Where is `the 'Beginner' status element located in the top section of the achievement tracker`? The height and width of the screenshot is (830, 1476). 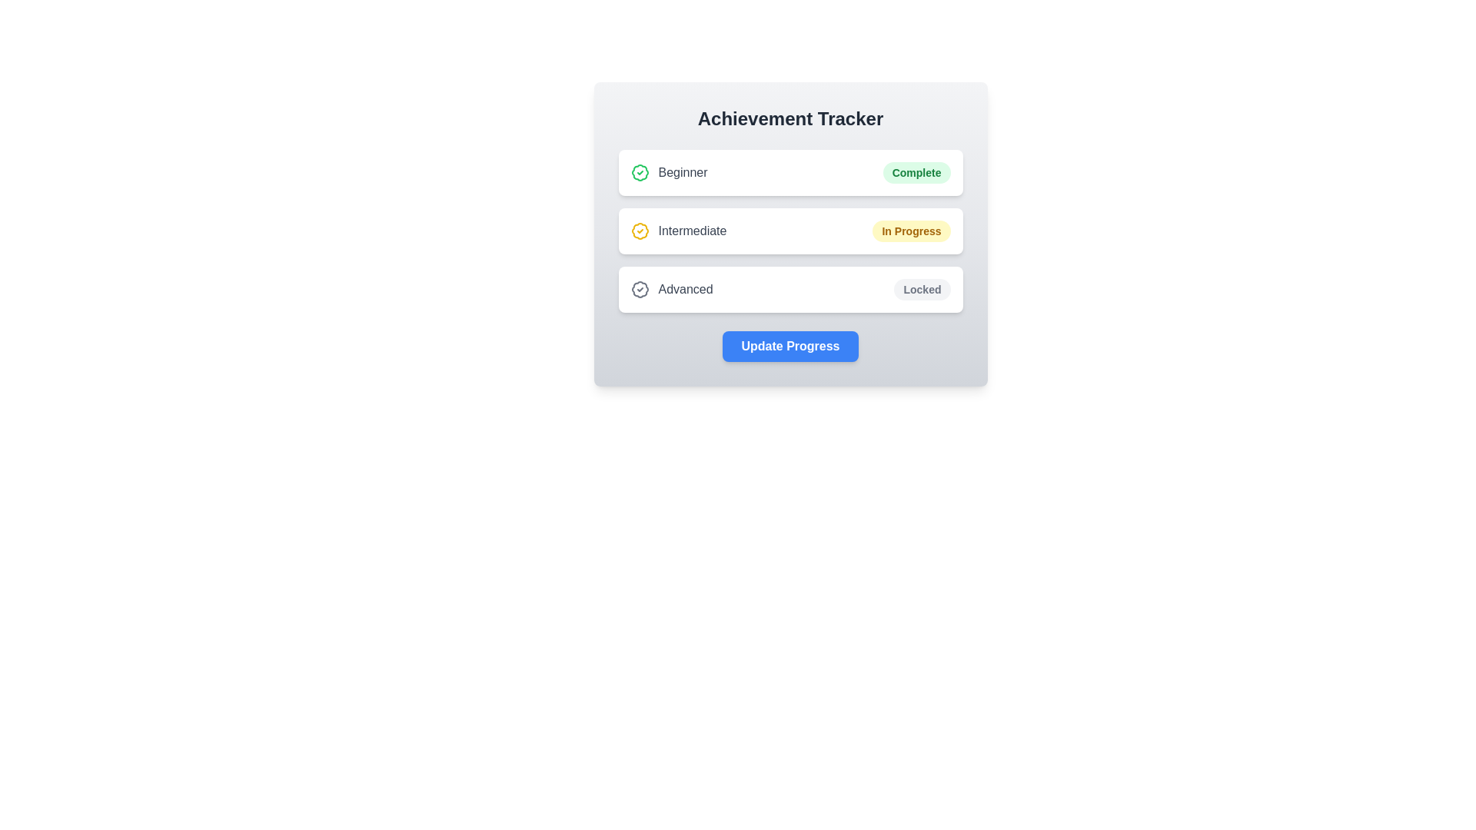 the 'Beginner' status element located in the top section of the achievement tracker is located at coordinates (669, 172).